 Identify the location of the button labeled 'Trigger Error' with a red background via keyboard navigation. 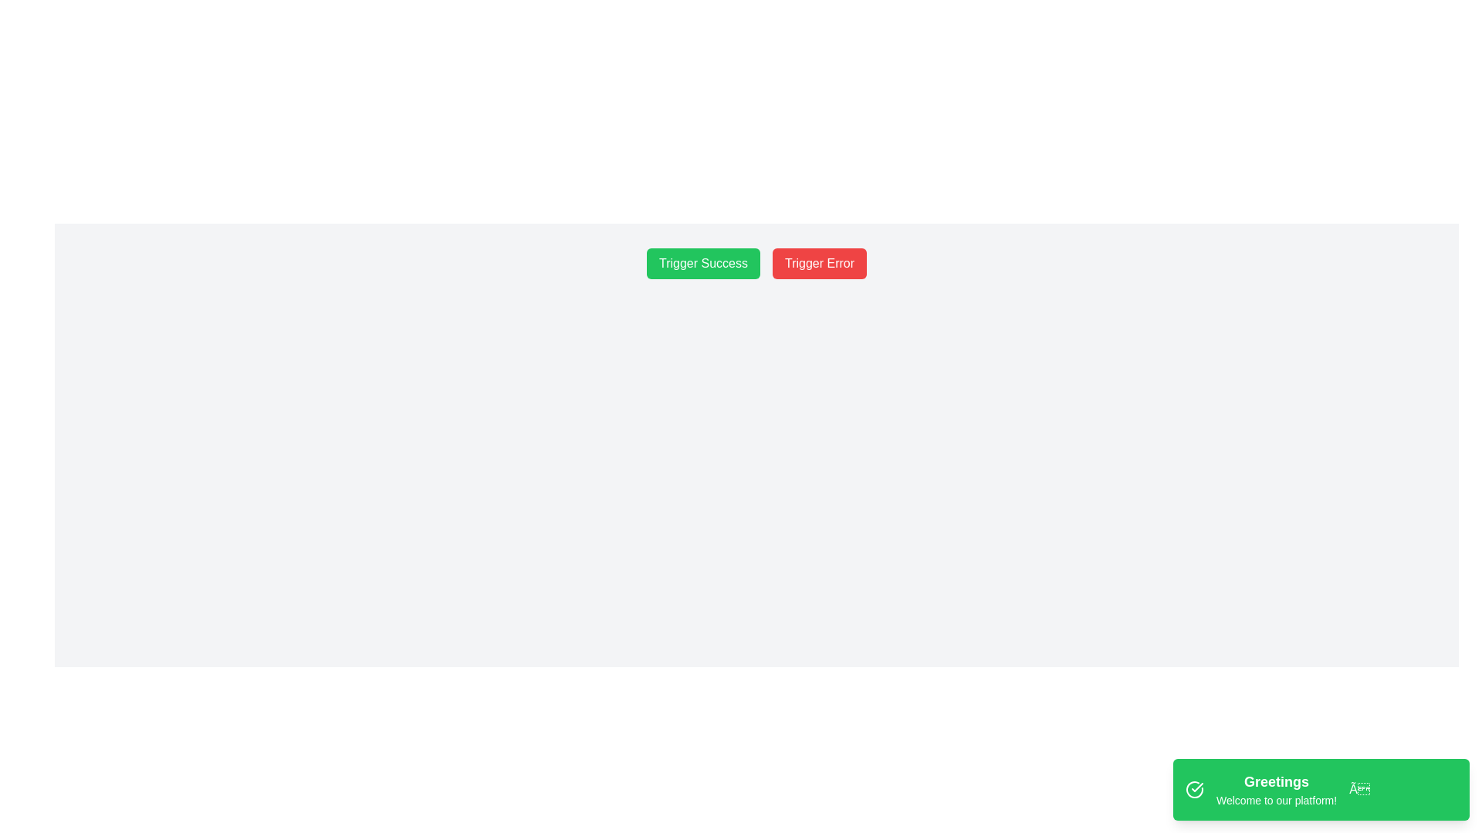
(818, 263).